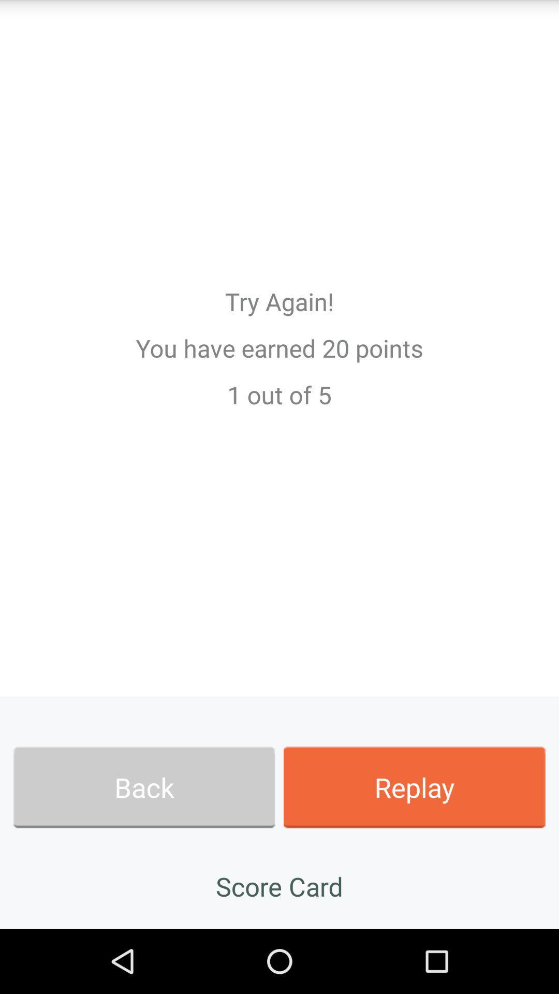  Describe the element at coordinates (279, 886) in the screenshot. I see `app at the bottom` at that location.